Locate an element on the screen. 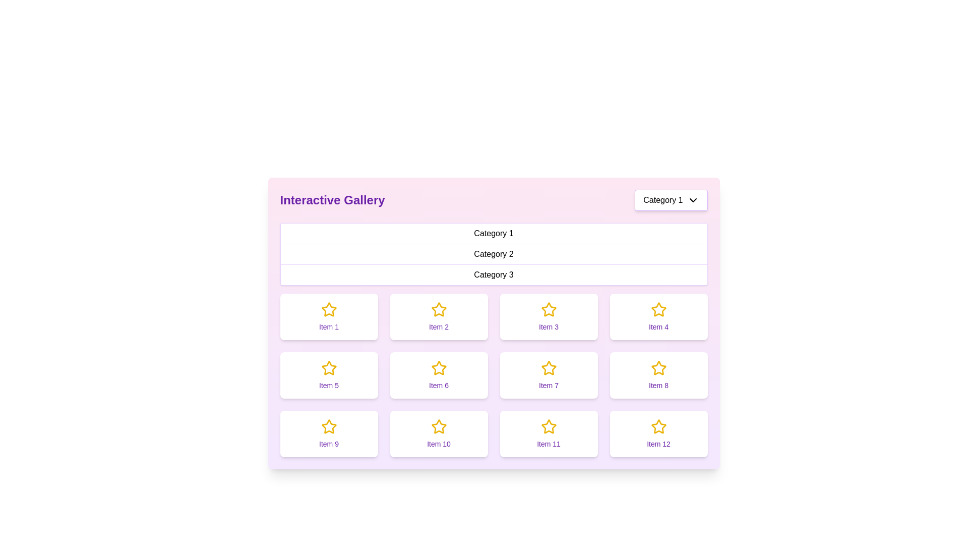 This screenshot has width=968, height=545. the card containing the text 'Item 5' and a yellow star icon, which is located in the second row, first column of the grid layout is located at coordinates (329, 375).